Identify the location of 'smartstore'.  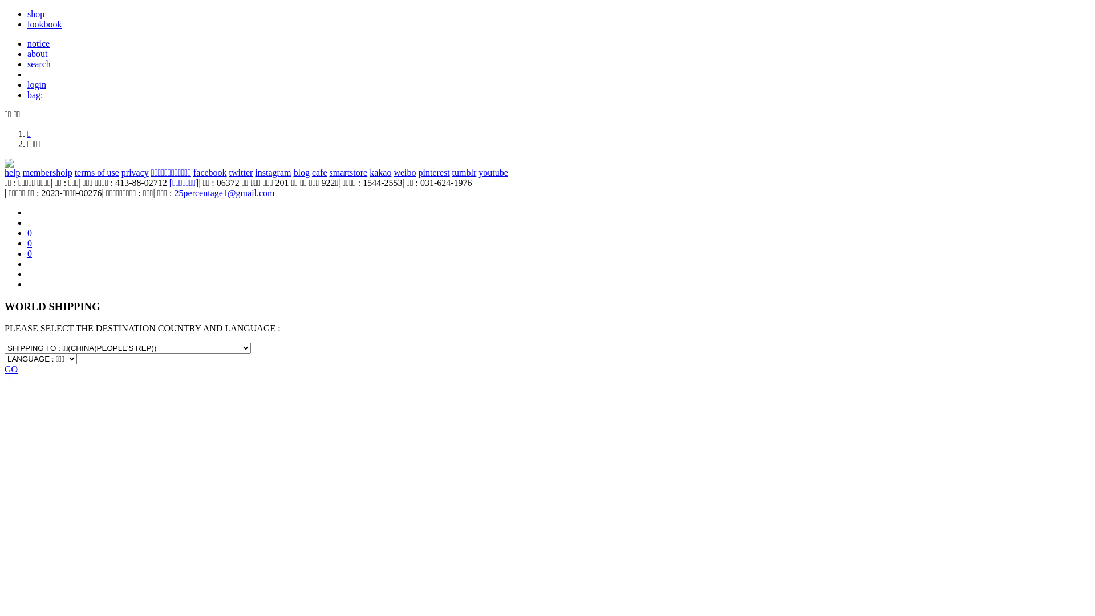
(348, 172).